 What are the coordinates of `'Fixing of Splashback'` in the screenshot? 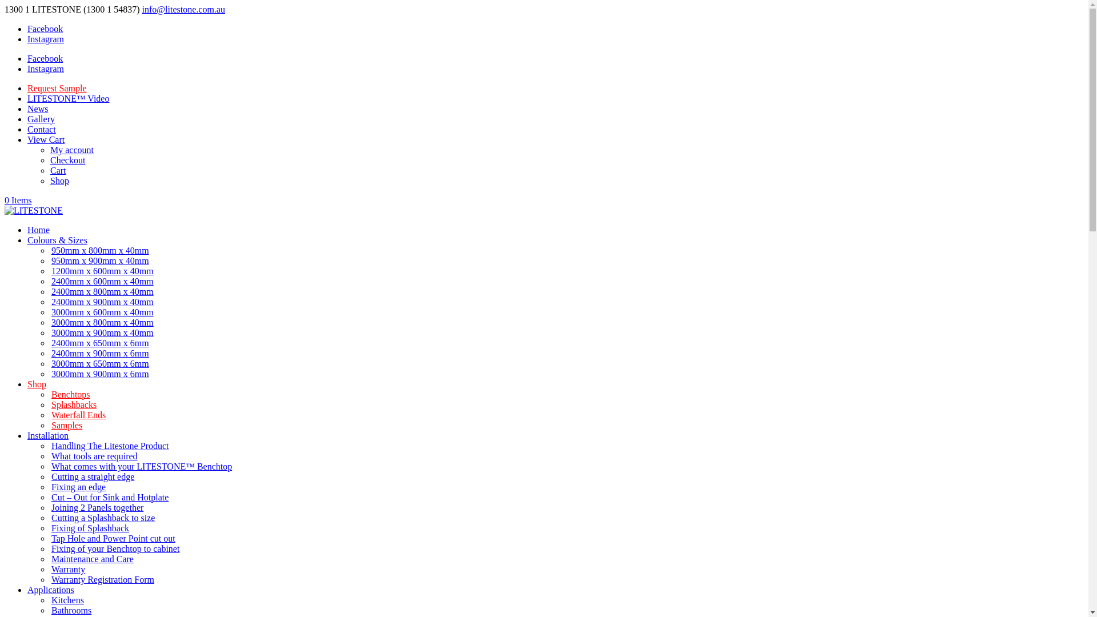 It's located at (49, 528).